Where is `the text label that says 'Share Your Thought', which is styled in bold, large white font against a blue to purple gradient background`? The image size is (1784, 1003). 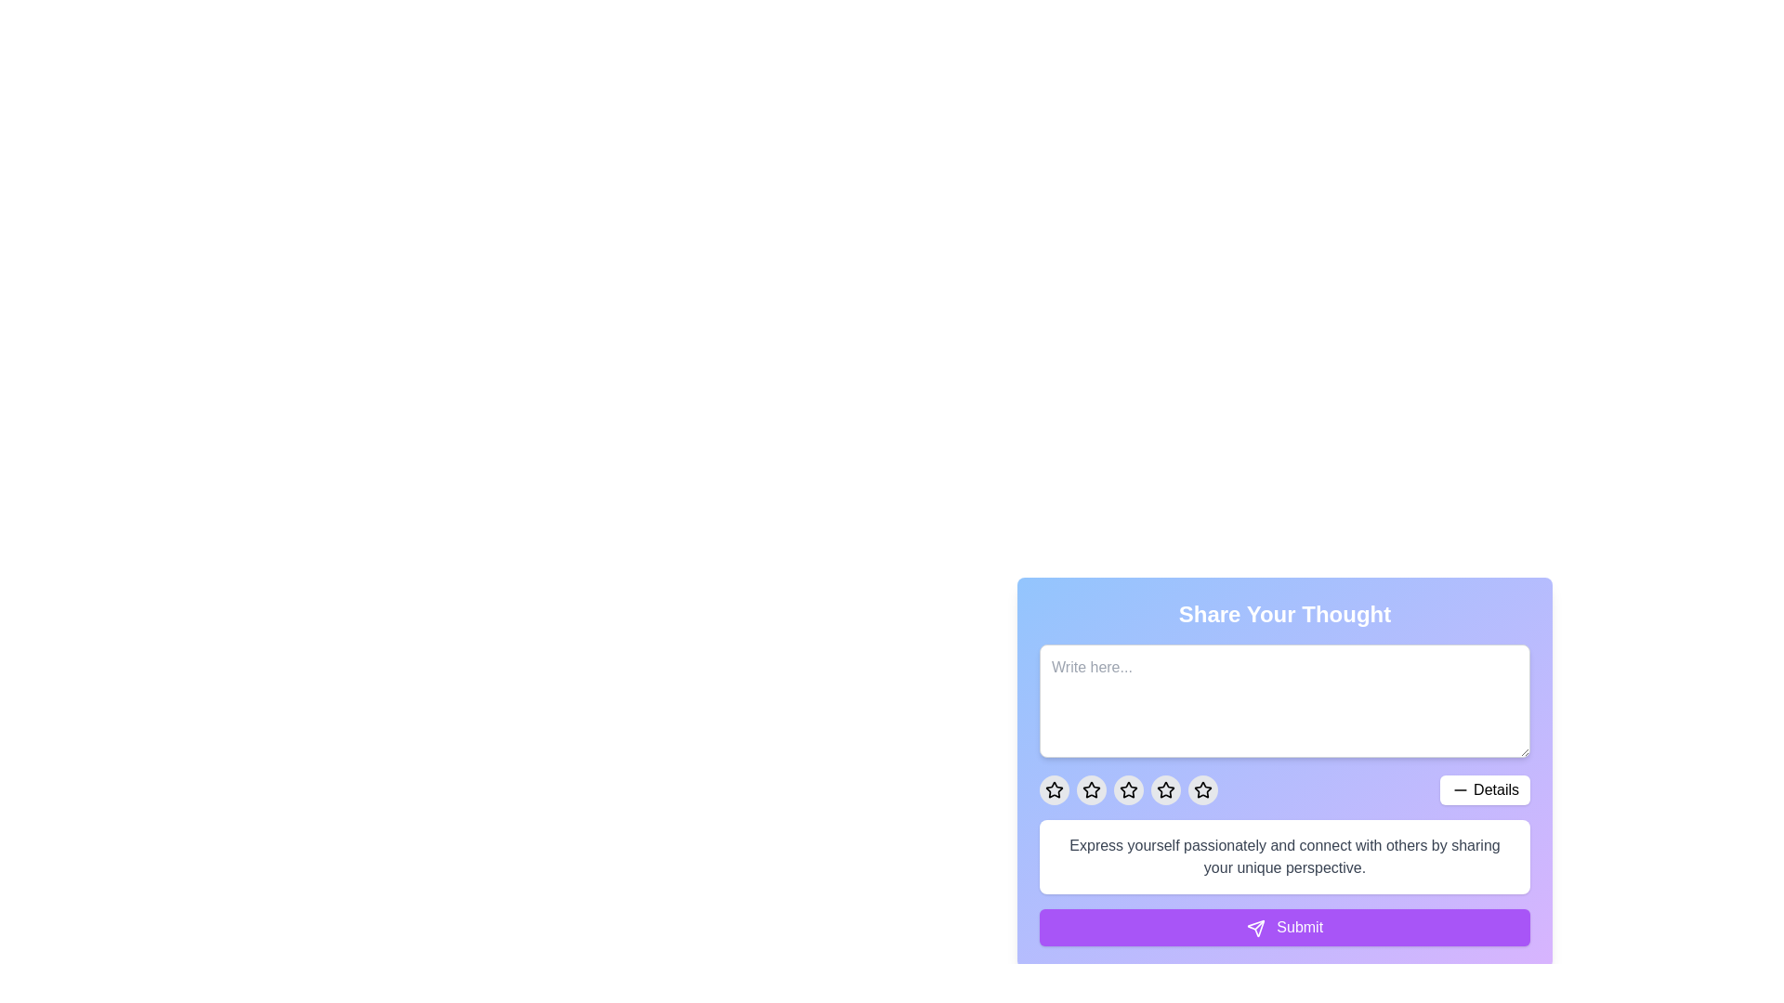
the text label that says 'Share Your Thought', which is styled in bold, large white font against a blue to purple gradient background is located at coordinates (1283, 615).